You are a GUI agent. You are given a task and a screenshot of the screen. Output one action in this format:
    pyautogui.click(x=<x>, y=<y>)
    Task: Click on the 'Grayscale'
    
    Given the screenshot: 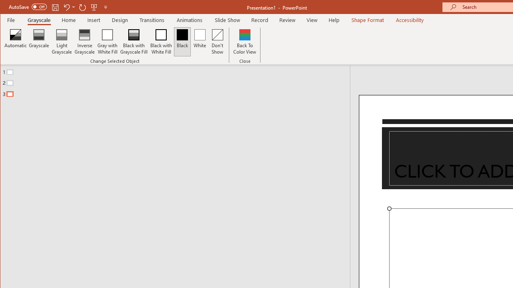 What is the action you would take?
    pyautogui.click(x=38, y=42)
    